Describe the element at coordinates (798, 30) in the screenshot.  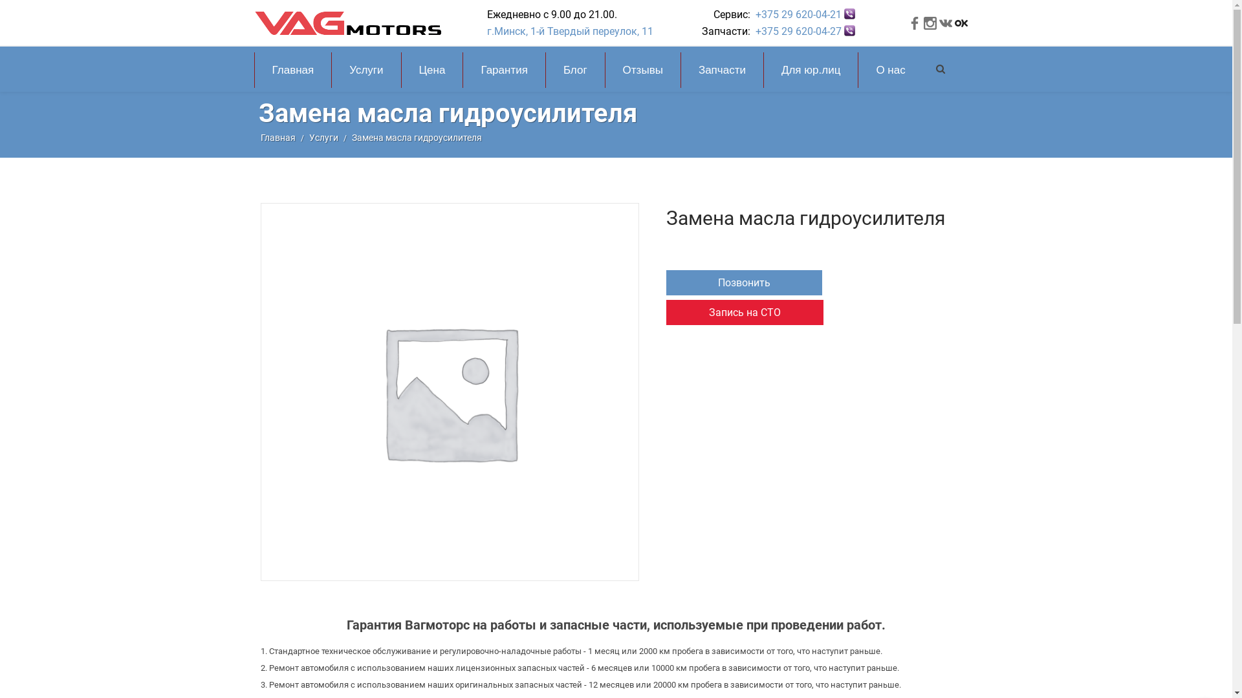
I see `'+375 29 620-04-27'` at that location.